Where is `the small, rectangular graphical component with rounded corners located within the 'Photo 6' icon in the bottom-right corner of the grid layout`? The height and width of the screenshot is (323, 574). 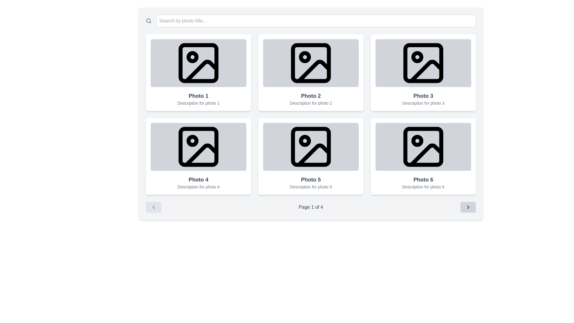
the small, rectangular graphical component with rounded corners located within the 'Photo 6' icon in the bottom-right corner of the grid layout is located at coordinates (423, 147).